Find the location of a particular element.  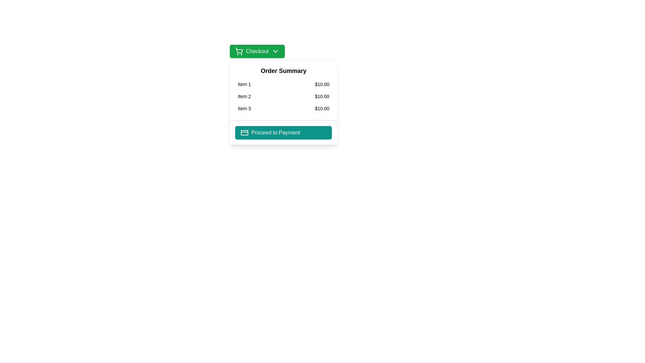

the rectangular green button labeled 'Checkout' with a shopping cart icon on the left and a down-facing chevron on the right is located at coordinates (257, 51).